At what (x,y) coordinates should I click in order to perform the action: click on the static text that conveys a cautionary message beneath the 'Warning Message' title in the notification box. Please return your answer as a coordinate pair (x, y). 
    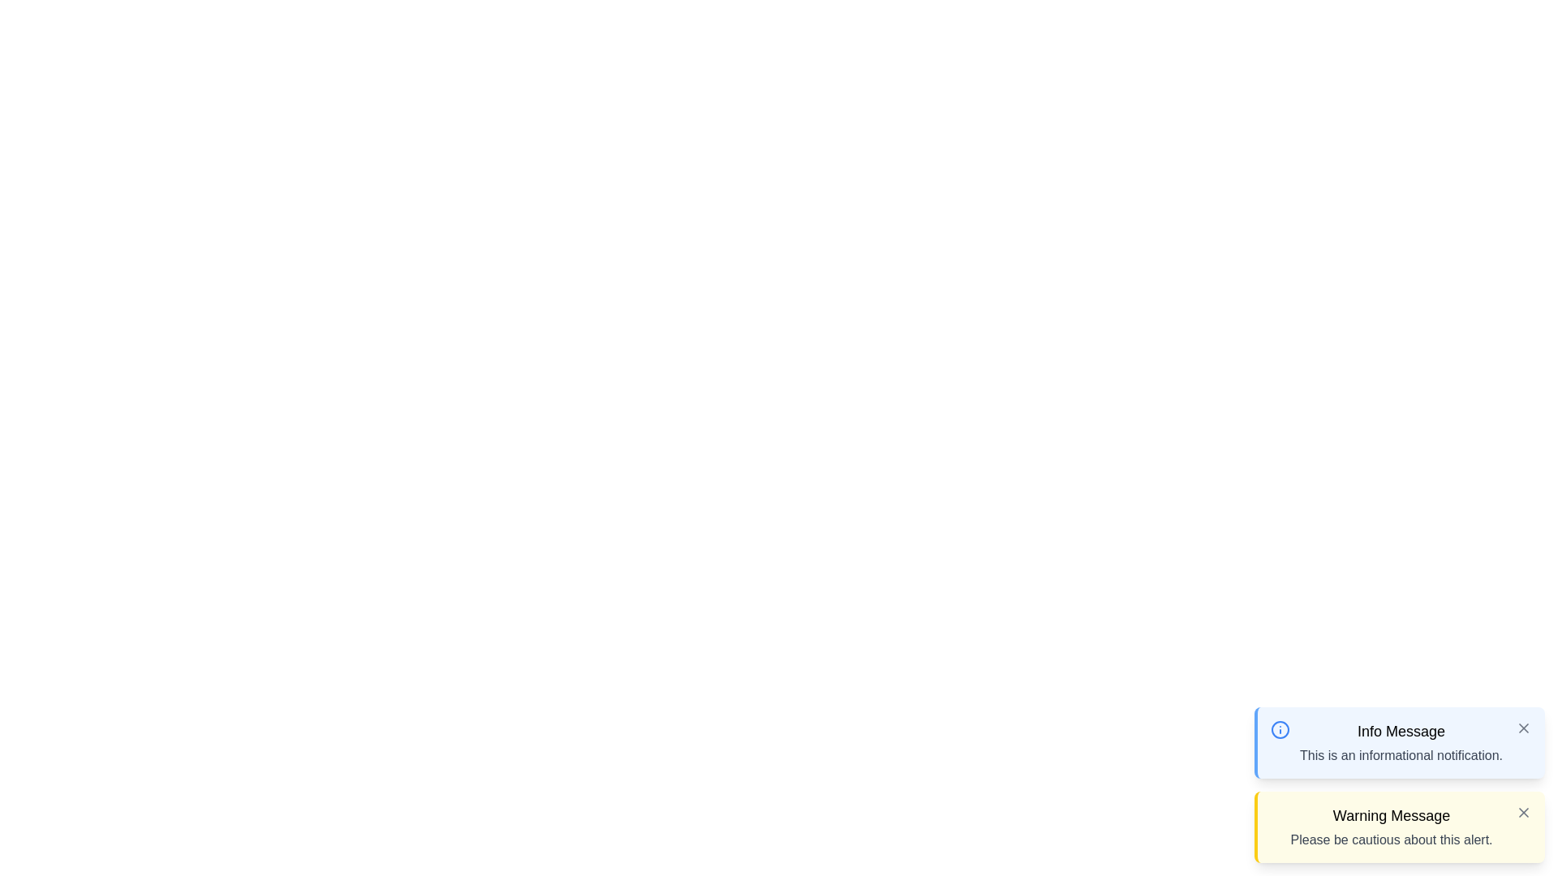
    Looking at the image, I should click on (1391, 839).